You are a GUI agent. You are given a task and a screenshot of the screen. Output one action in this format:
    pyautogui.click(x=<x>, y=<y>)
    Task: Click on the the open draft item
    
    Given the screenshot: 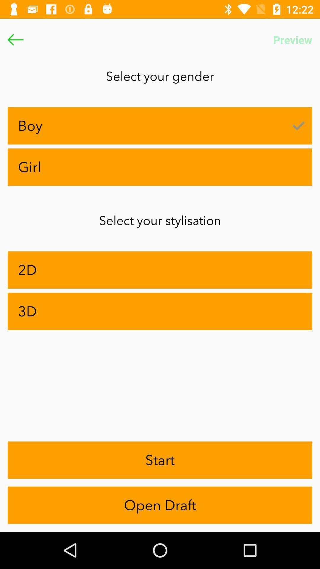 What is the action you would take?
    pyautogui.click(x=160, y=505)
    